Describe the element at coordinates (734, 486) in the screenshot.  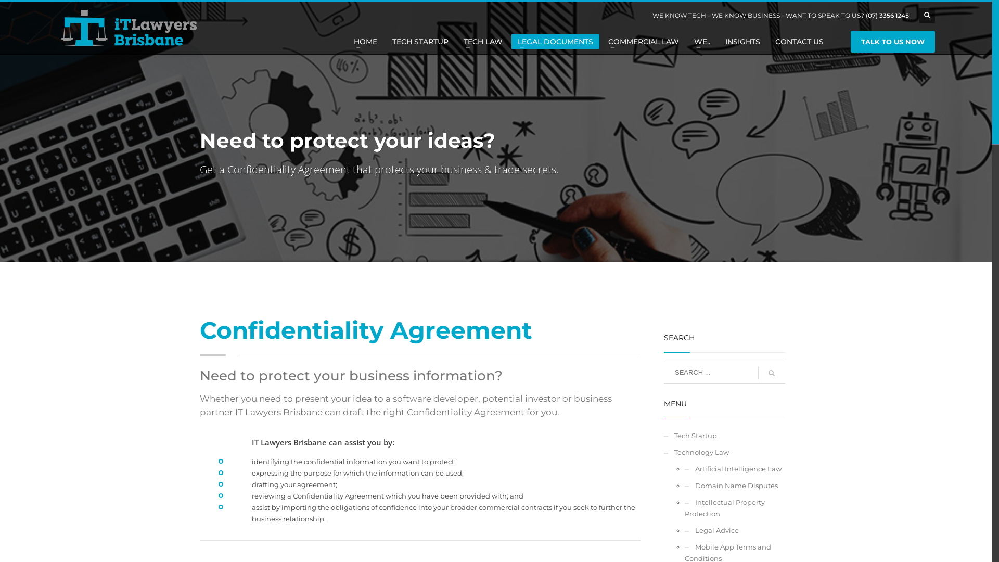
I see `'Domain Name Disputes'` at that location.